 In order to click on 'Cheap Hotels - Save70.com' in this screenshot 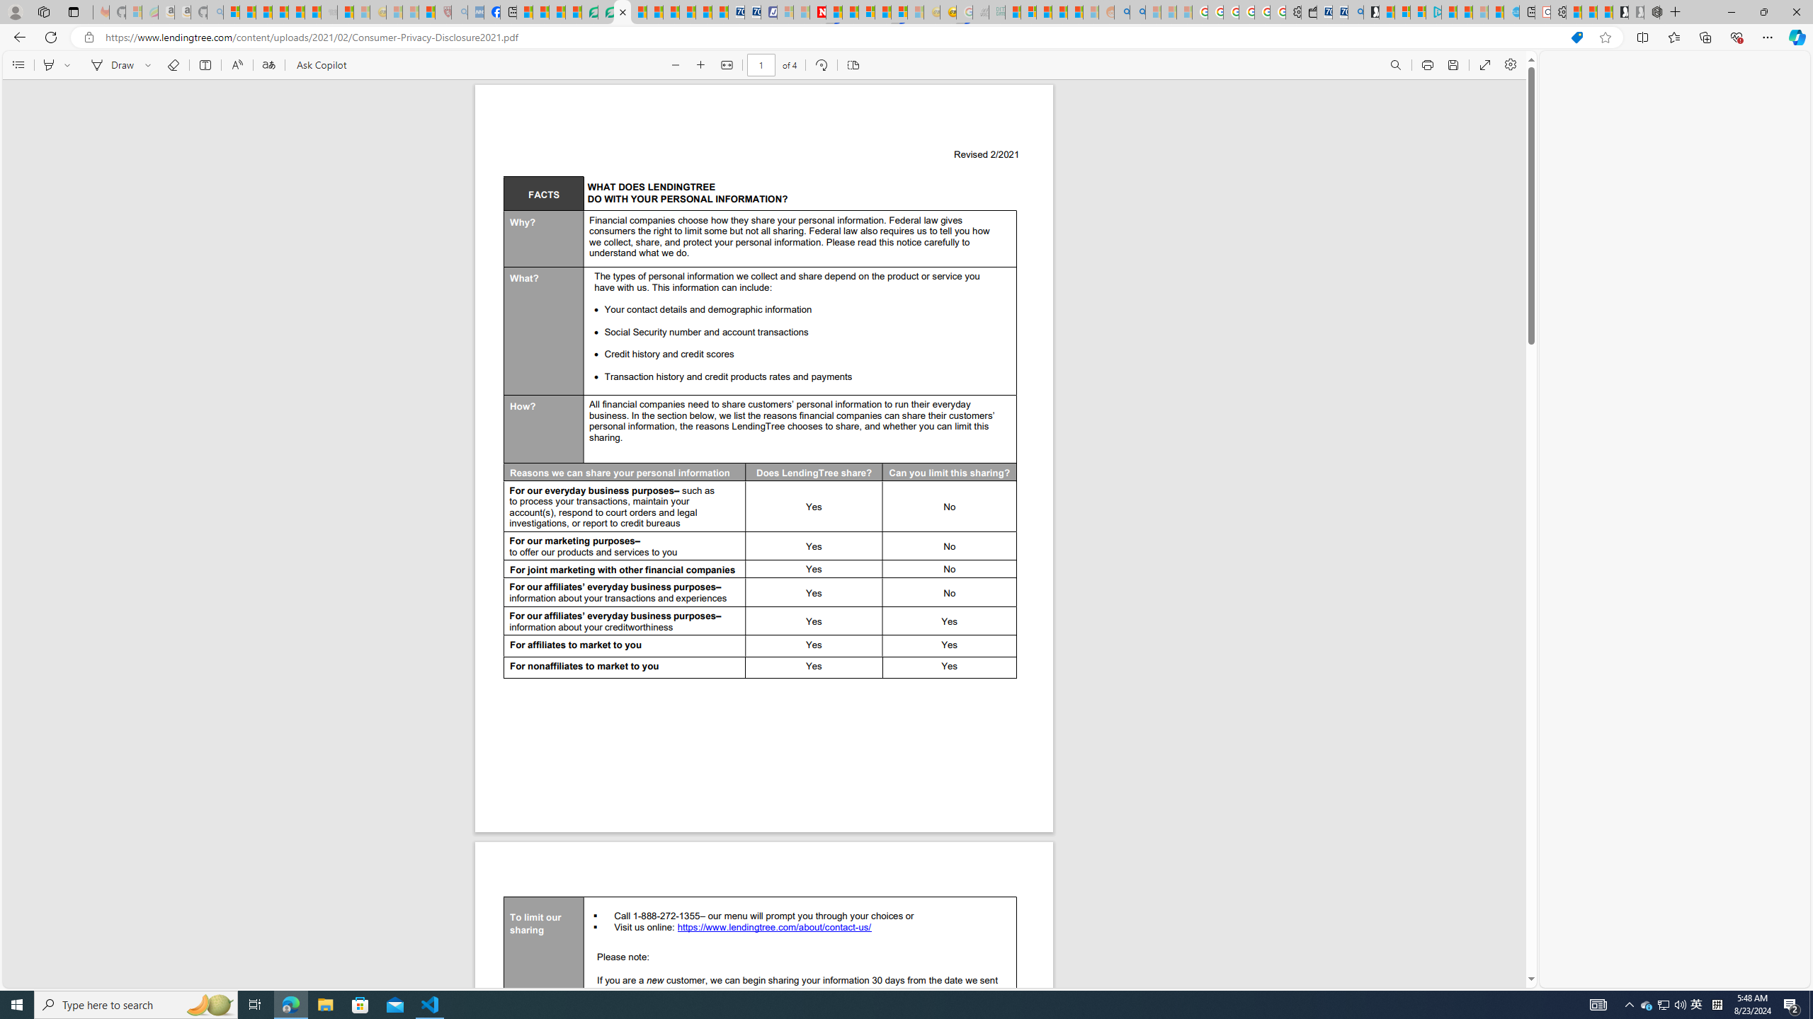, I will do `click(751, 11)`.